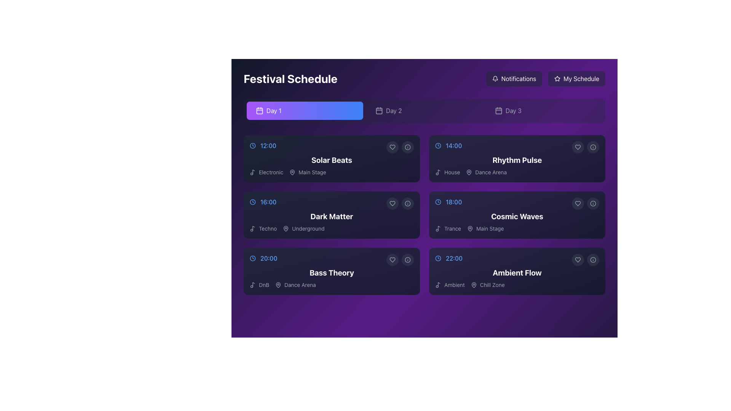 The height and width of the screenshot is (411, 731). I want to click on the small music note icon located at the bottom left corner of the 'Bass Theory' event card, so click(252, 285).